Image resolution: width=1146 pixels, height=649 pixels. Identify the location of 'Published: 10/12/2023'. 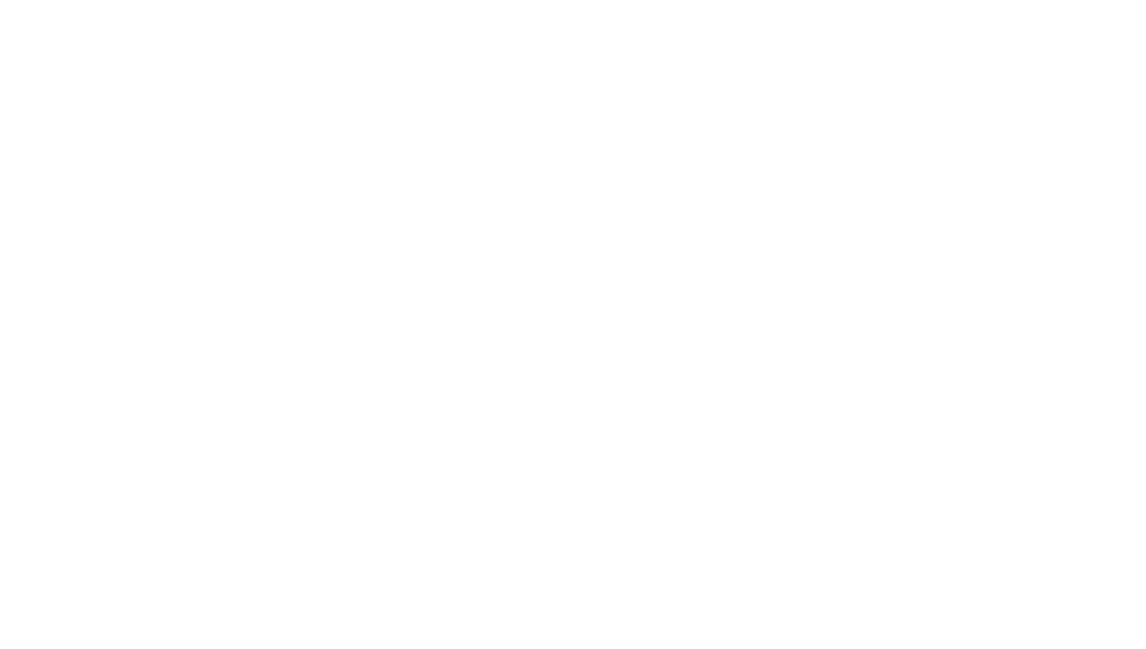
(495, 560).